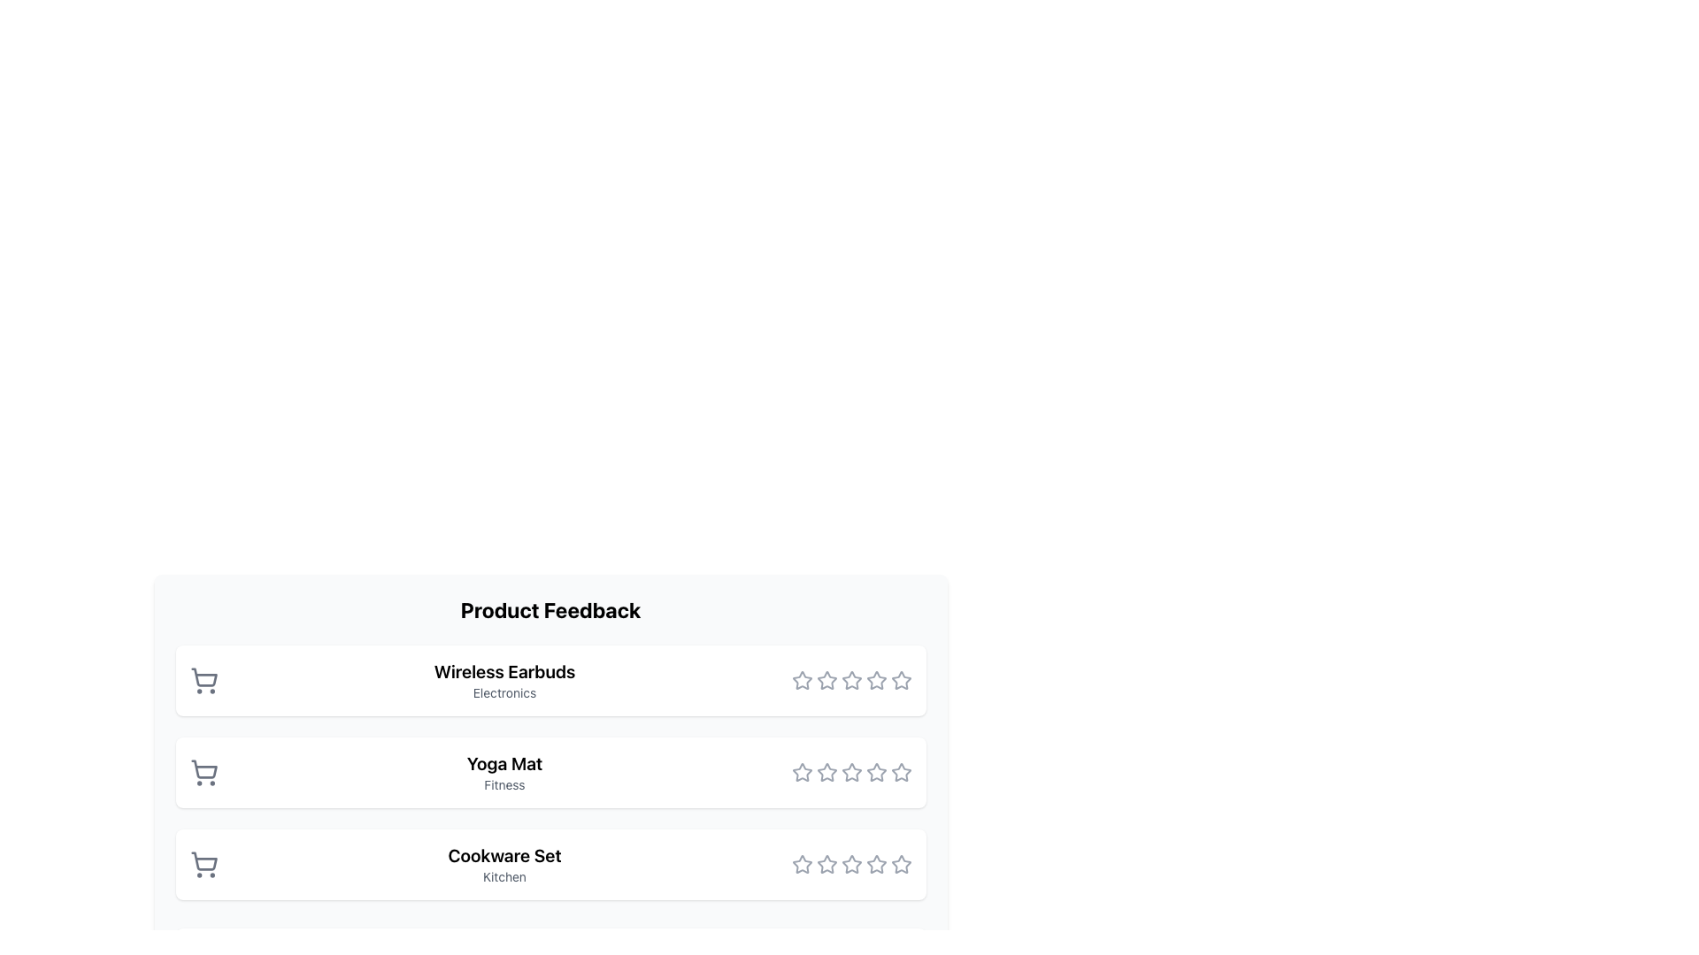 Image resolution: width=1699 pixels, height=955 pixels. What do you see at coordinates (851, 680) in the screenshot?
I see `the star icon in the Rating widget for the 'Wireless Earbuds'` at bounding box center [851, 680].